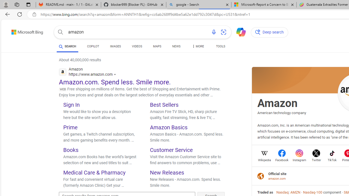 The height and width of the screenshot is (196, 349). What do you see at coordinates (164, 105) in the screenshot?
I see `'Best Sellers'` at bounding box center [164, 105].